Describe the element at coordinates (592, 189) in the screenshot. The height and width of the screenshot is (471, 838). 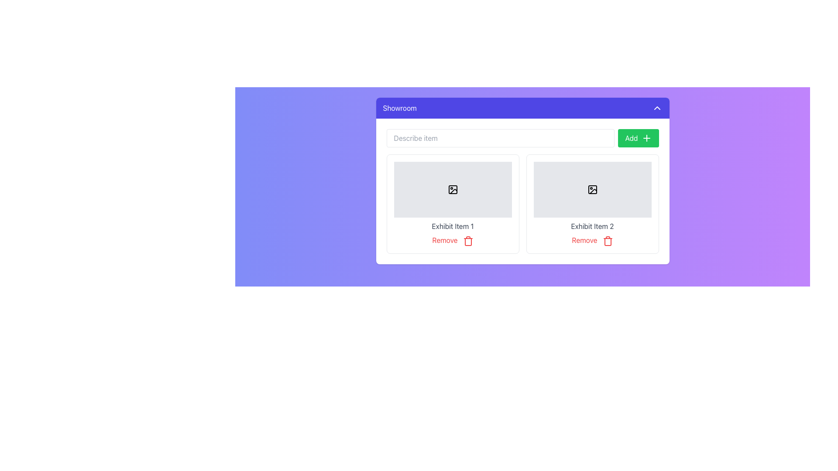
I see `the landscape icon, which is styled as a 2D line drawing with a circle and slanted line, located in the second column under the 'Exhibit Item 2' heading` at that location.